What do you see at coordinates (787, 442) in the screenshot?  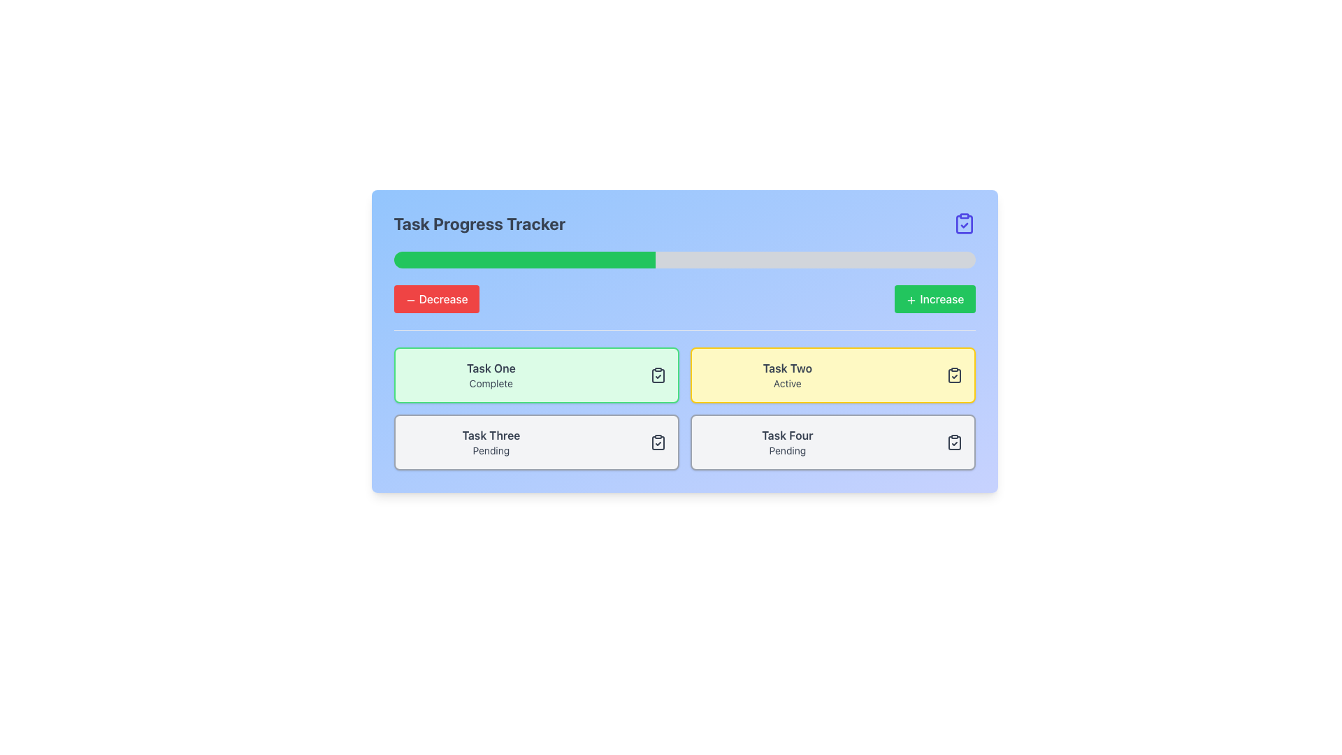 I see `the text display element that shows the task name 'Task Four' and its status 'Pending', located in the bottom-right portion of the grid layout` at bounding box center [787, 442].